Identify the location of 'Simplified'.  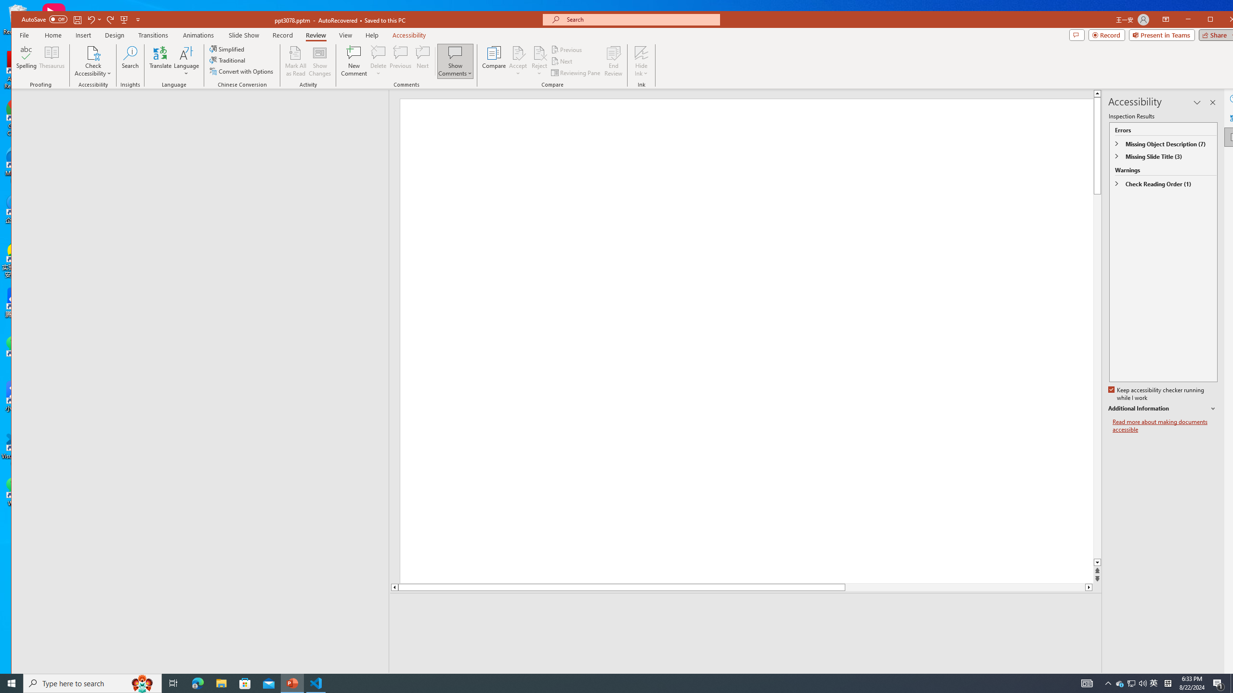
(227, 49).